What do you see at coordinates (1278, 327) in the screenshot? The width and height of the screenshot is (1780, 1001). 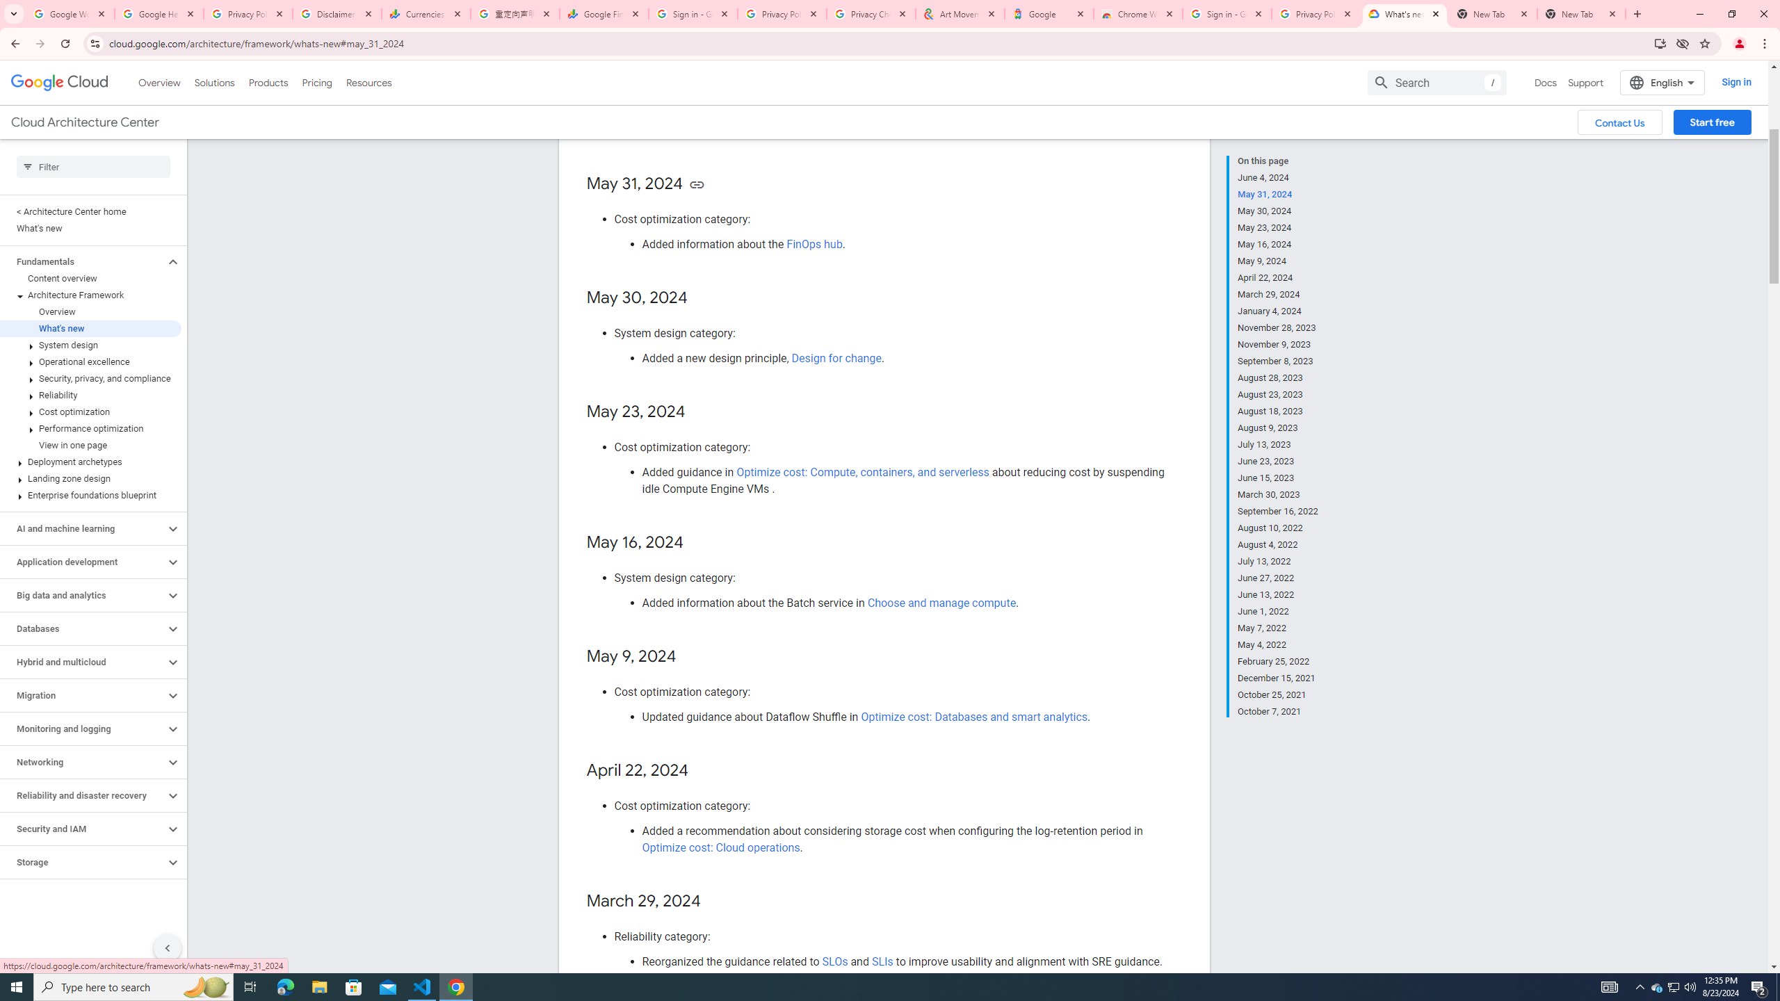 I see `'November 28, 2023'` at bounding box center [1278, 327].